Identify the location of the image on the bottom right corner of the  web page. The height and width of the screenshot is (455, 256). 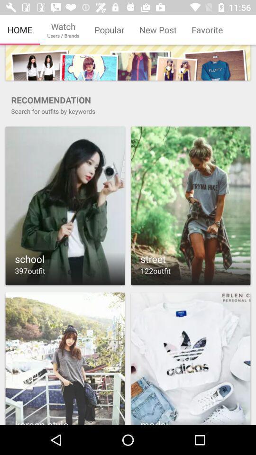
(191, 357).